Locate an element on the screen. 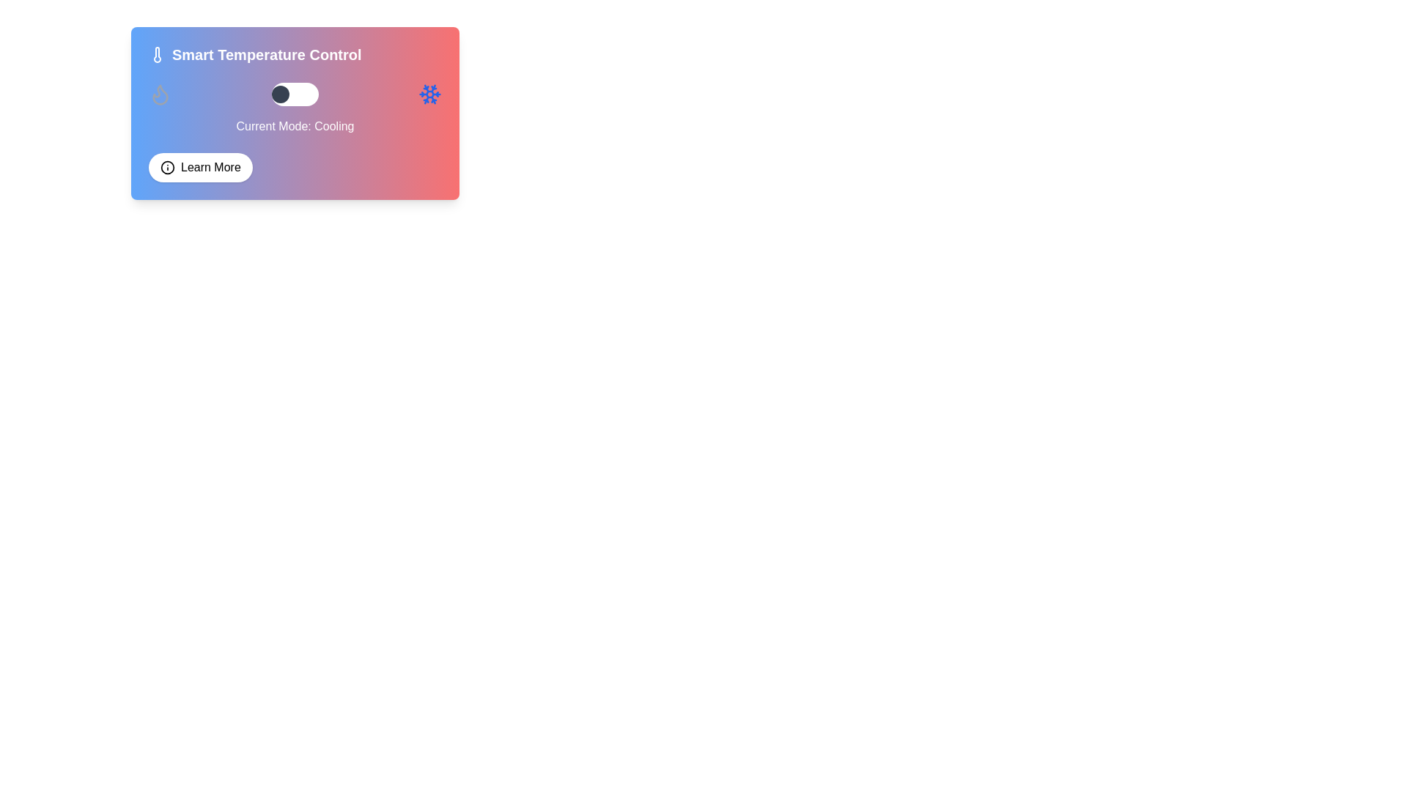 This screenshot has height=791, width=1407. the 'Learn More' button is located at coordinates (199, 166).